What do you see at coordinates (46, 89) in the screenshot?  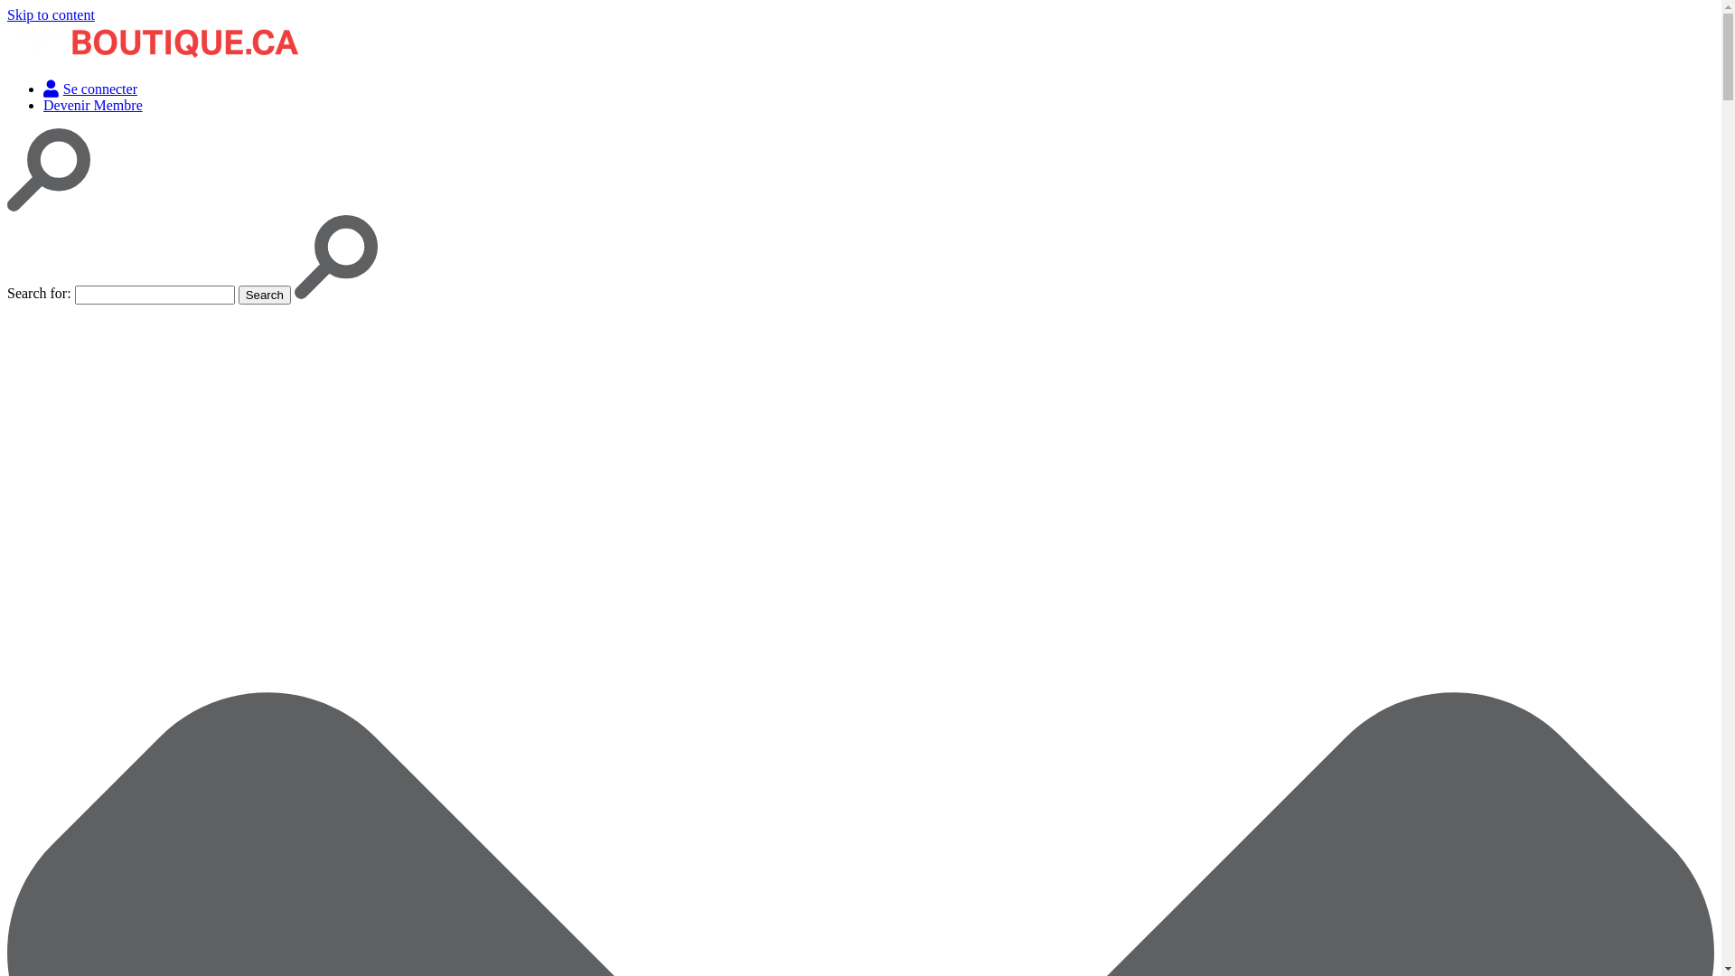 I see `'AN Boutique'` at bounding box center [46, 89].